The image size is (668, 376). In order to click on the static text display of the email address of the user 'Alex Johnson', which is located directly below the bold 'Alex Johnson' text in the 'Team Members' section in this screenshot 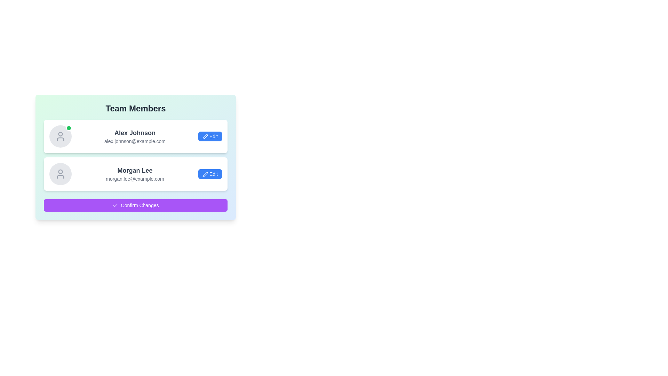, I will do `click(135, 141)`.